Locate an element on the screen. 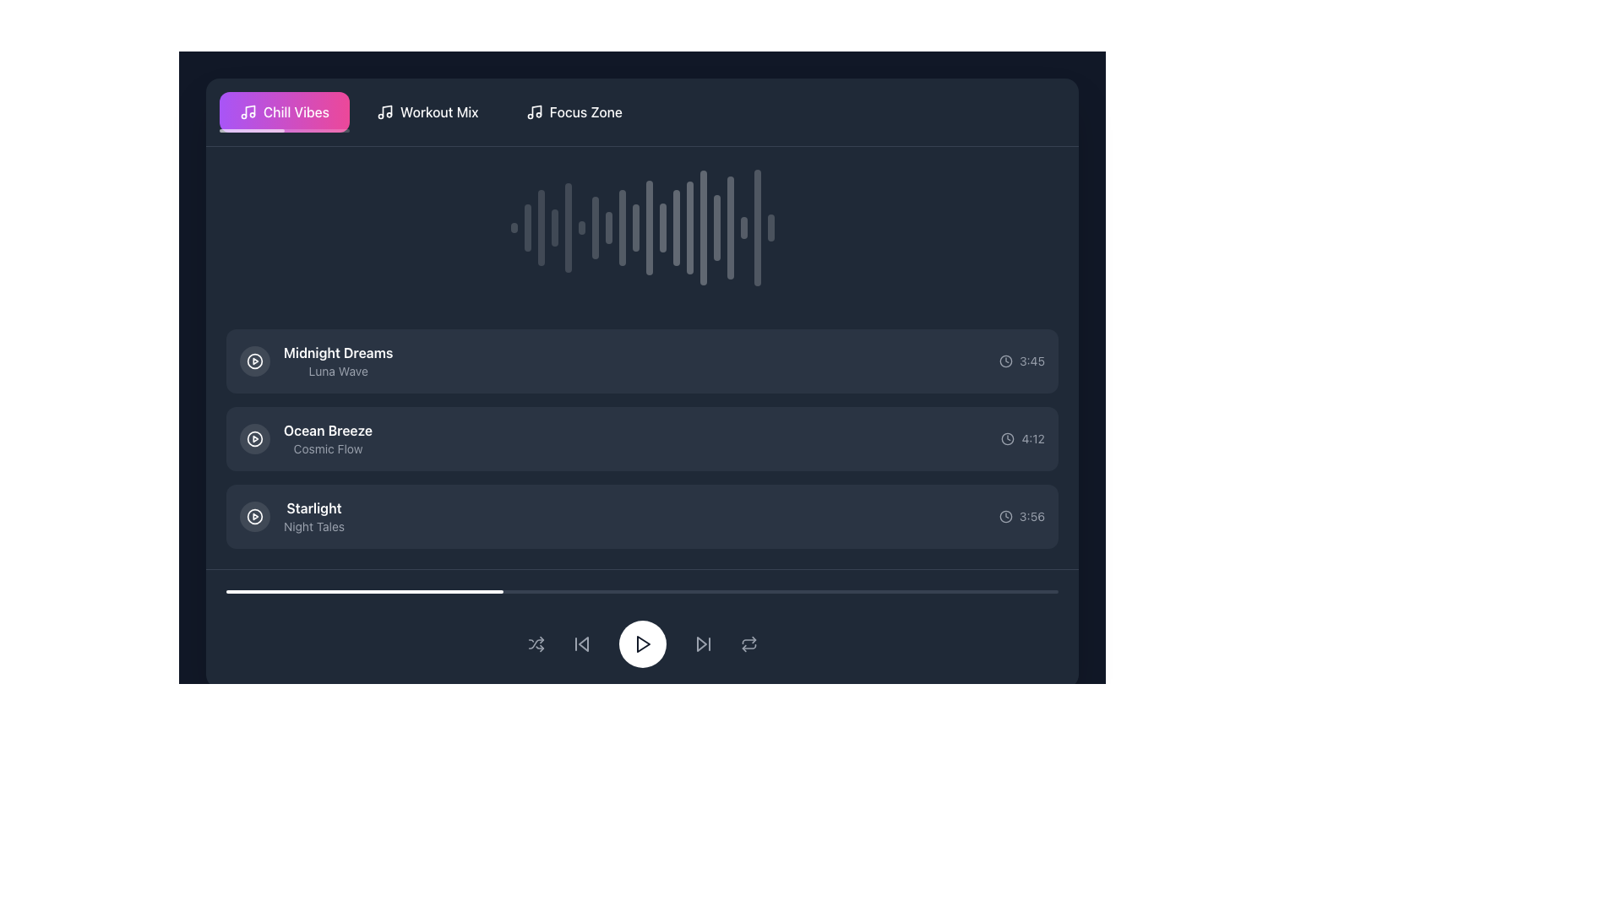  the SVG circle that is part of the clock icon adjacent to the duration text '3:45' in the first row of the displayed list is located at coordinates (1005, 361).